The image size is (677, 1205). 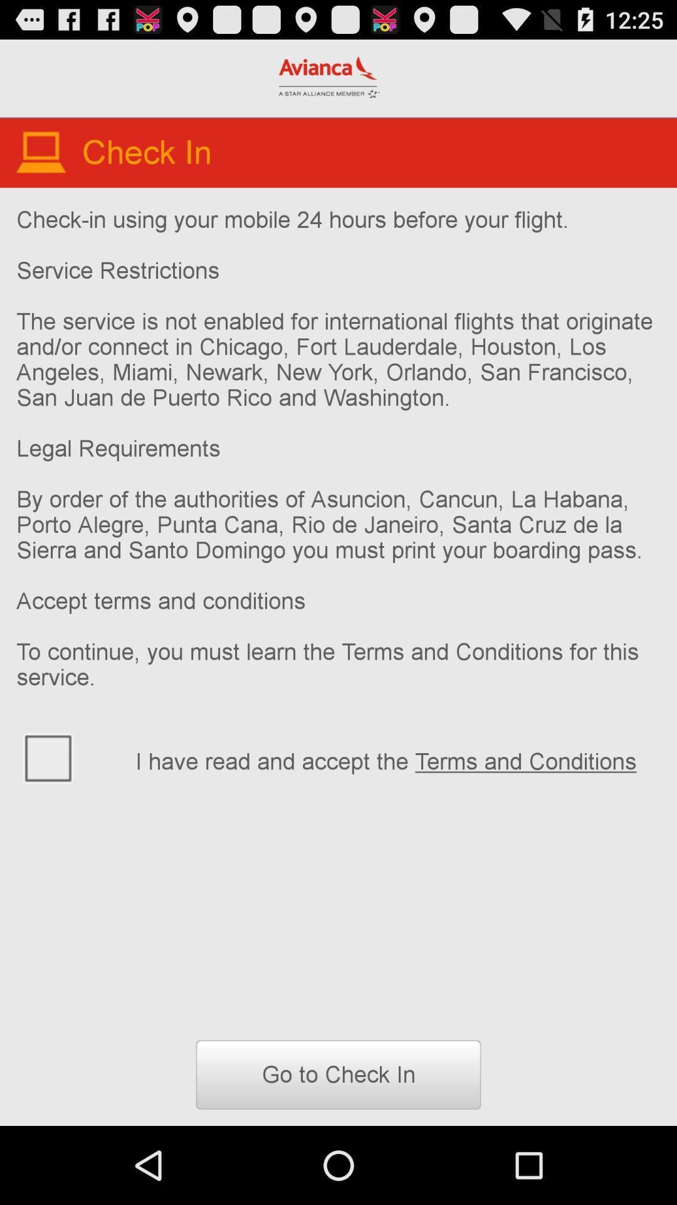 What do you see at coordinates (397, 759) in the screenshot?
I see `icon above go to check item` at bounding box center [397, 759].